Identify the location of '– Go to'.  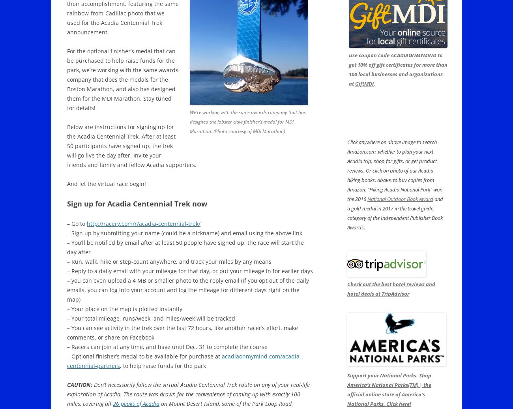
(77, 223).